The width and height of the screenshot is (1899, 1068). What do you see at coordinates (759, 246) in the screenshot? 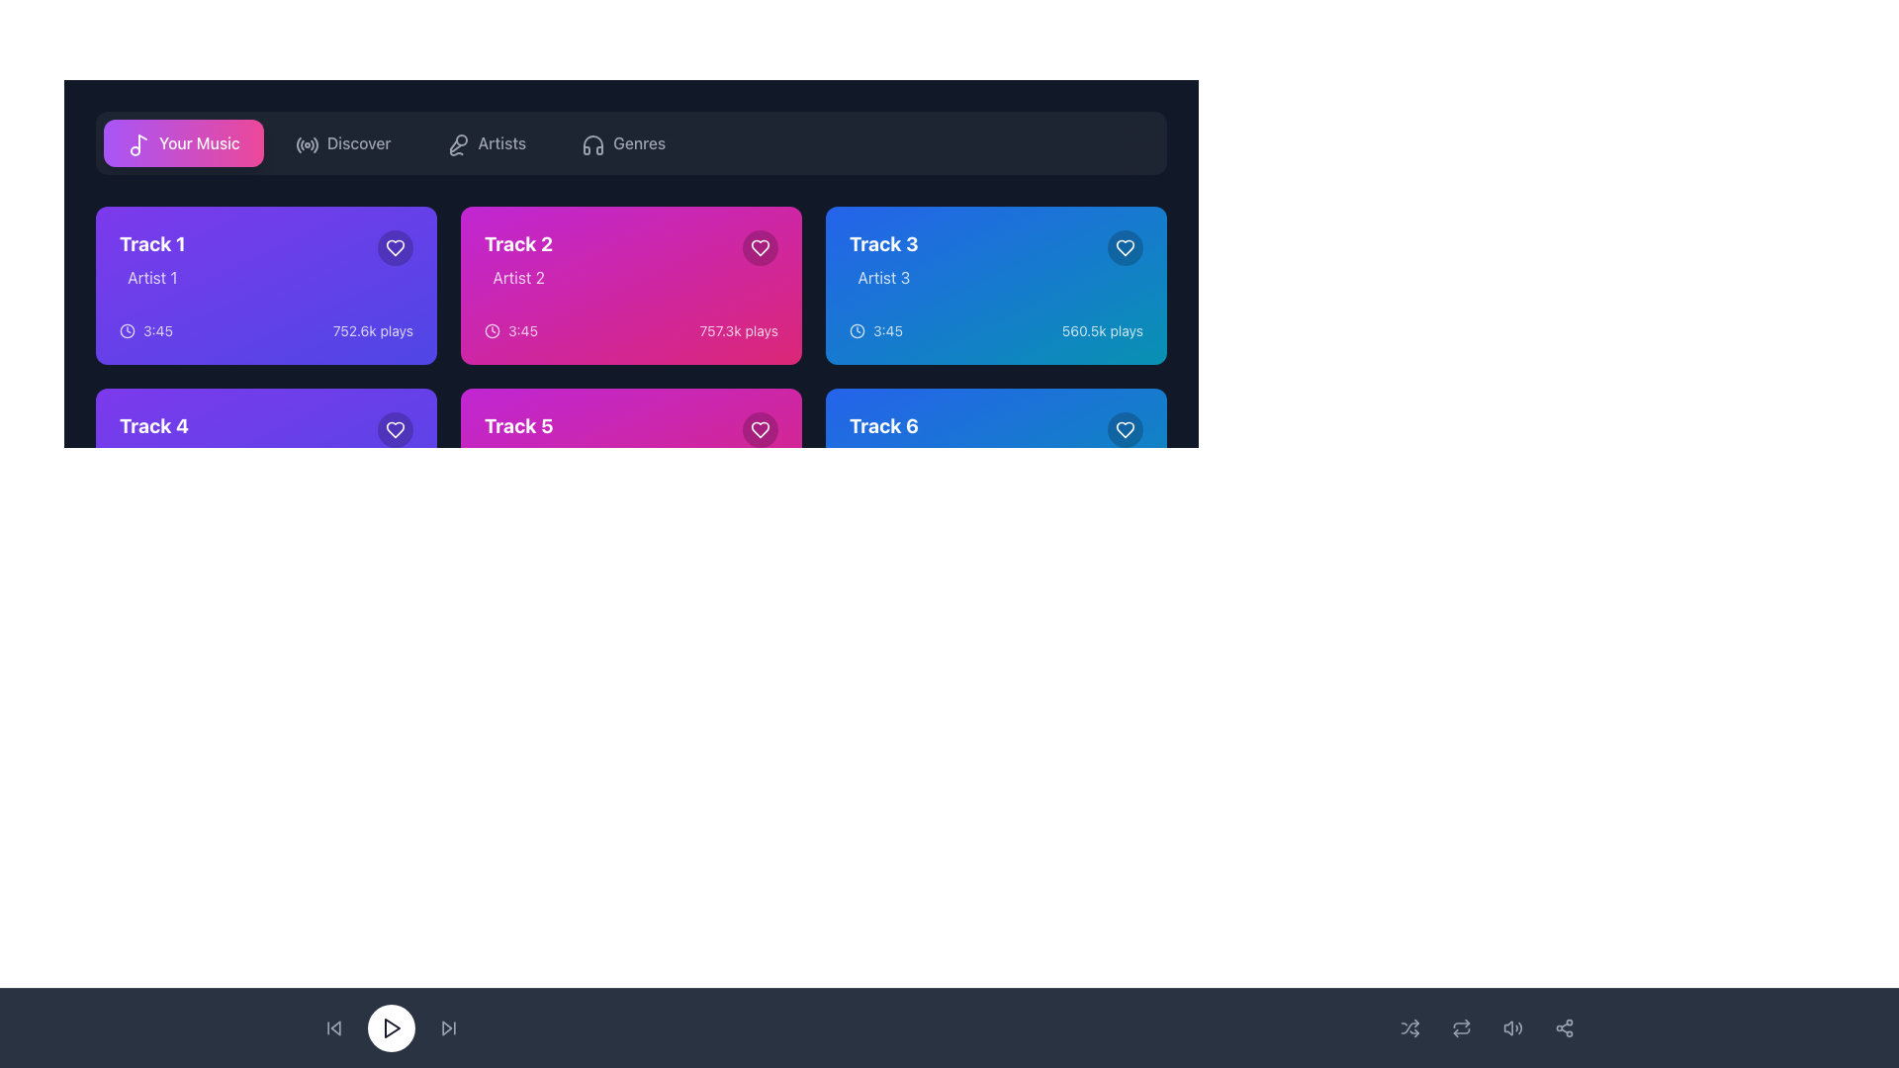
I see `the favorite button located in the top-right corner of the rectangle for 'Track 2' by 'Artist 2'` at bounding box center [759, 246].